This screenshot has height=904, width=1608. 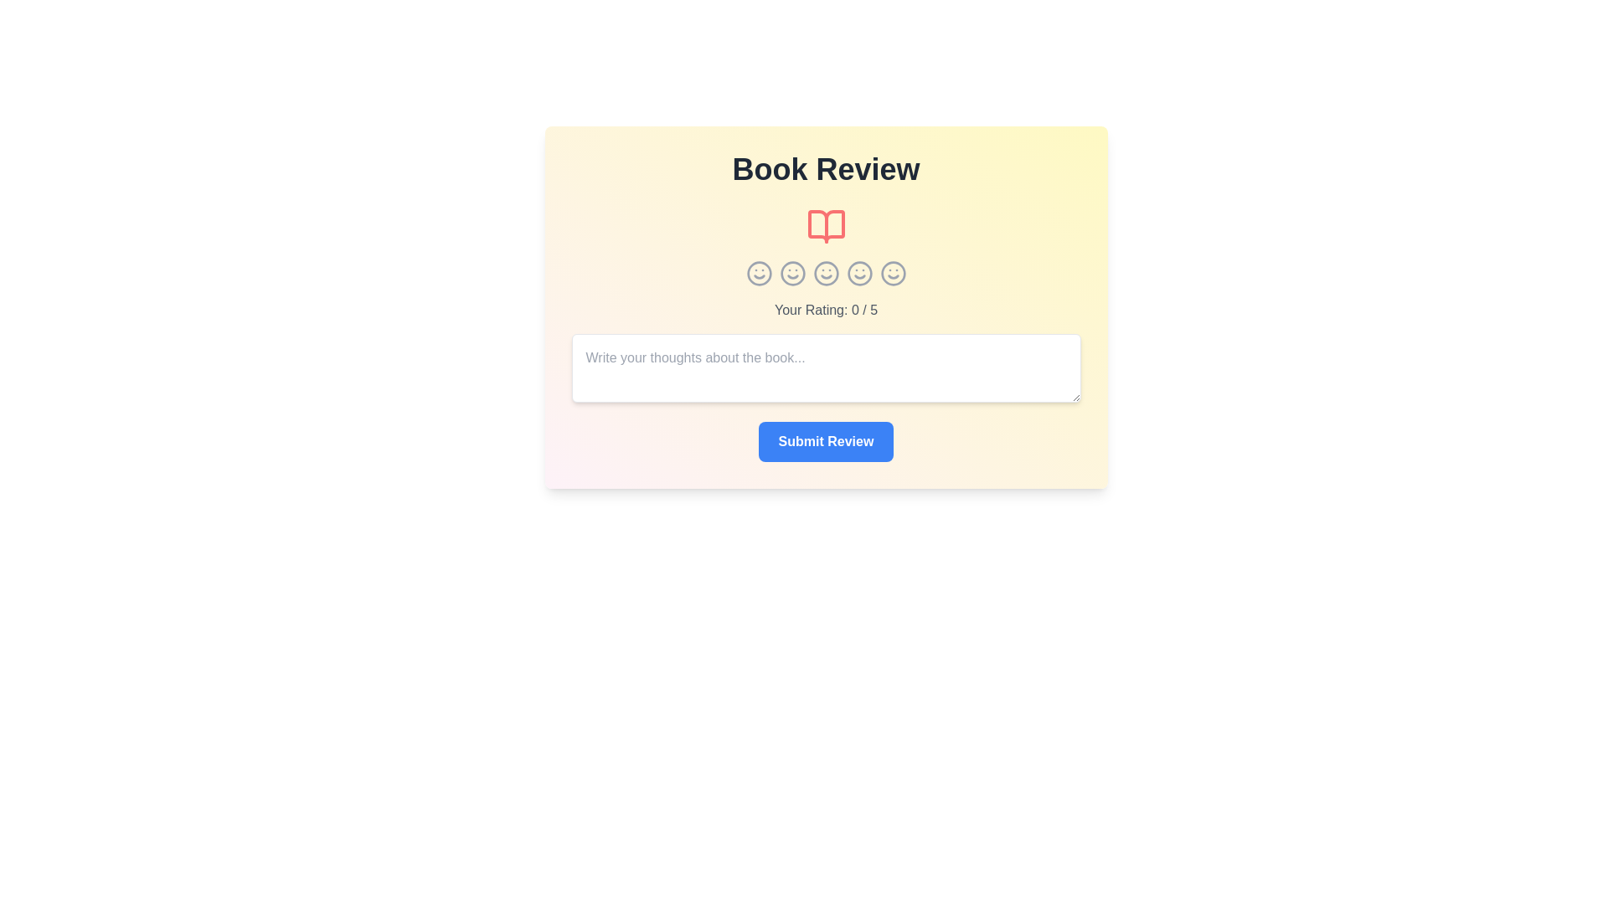 I want to click on the text area and type the comment, so click(x=826, y=367).